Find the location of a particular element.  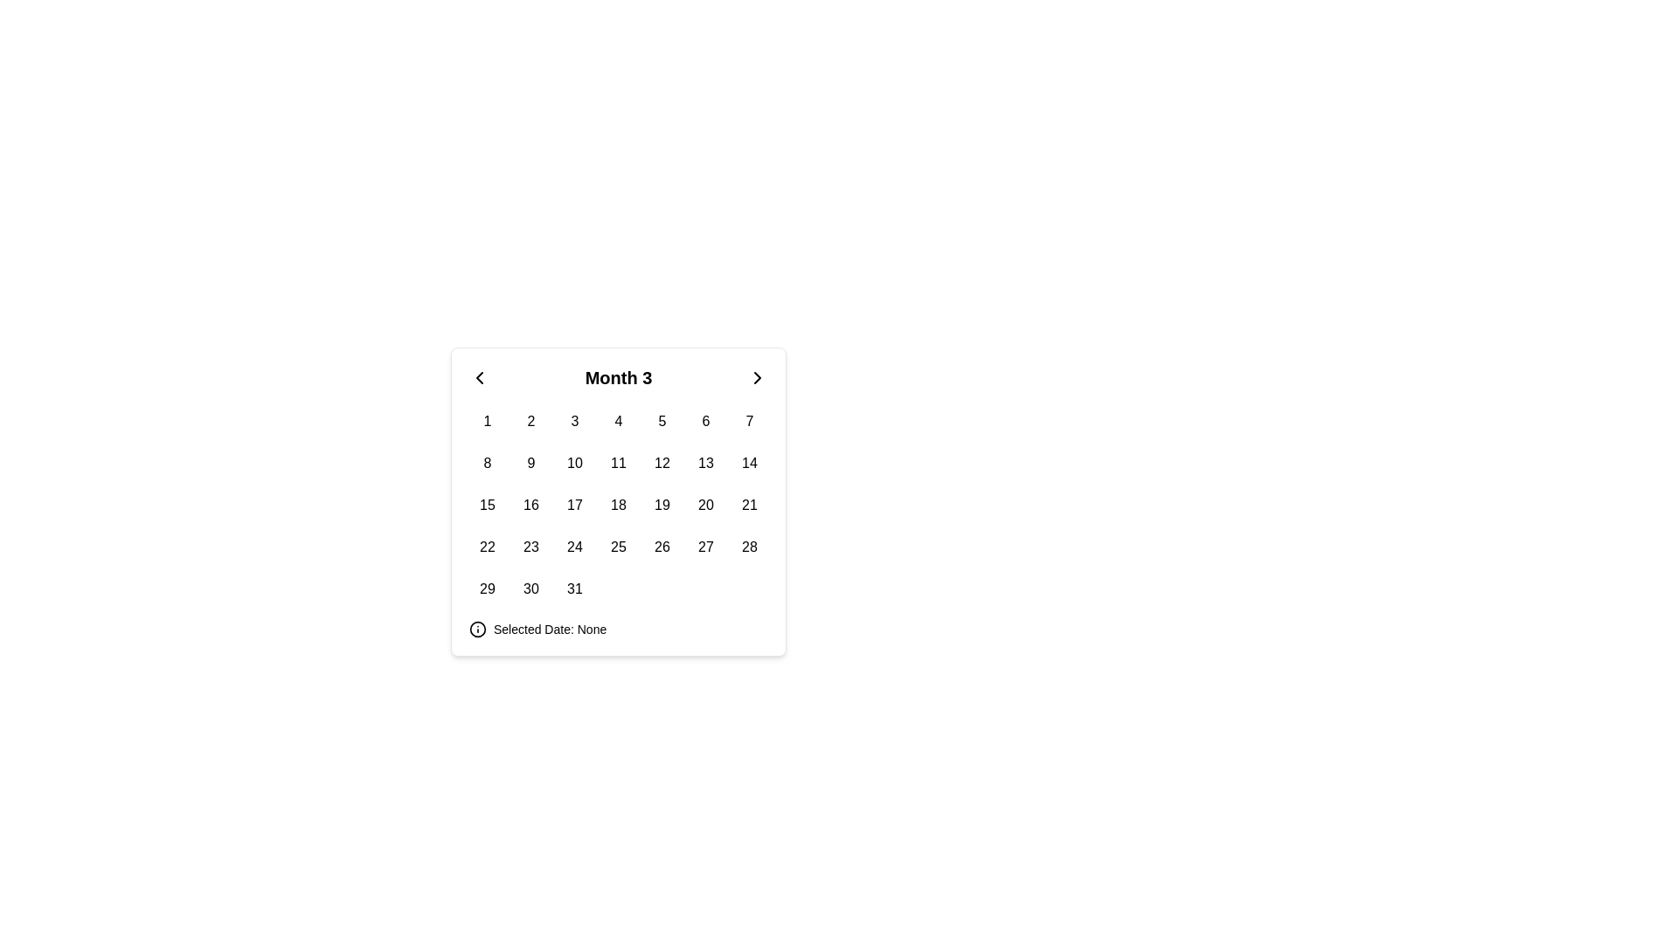

the interactive calendar tile element displaying the date '15' is located at coordinates (487, 505).